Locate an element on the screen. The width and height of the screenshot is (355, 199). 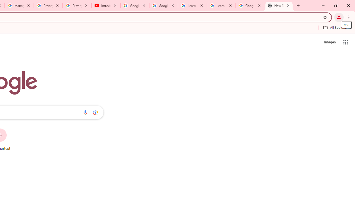
'Search by voice' is located at coordinates (85, 112).